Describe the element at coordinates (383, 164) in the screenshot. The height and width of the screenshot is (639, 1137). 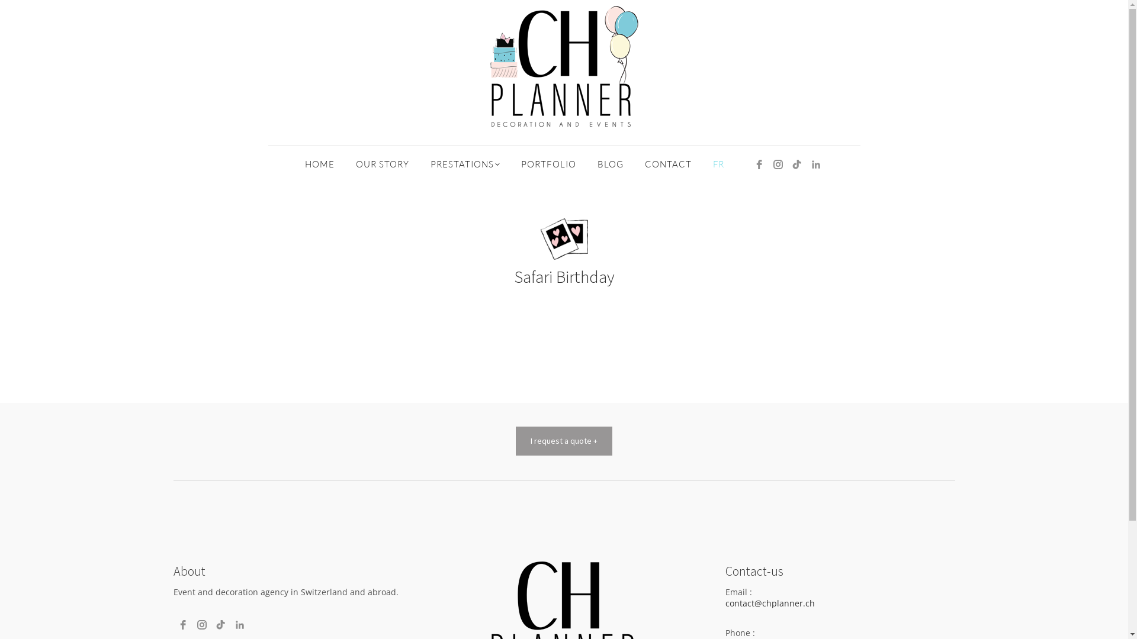
I see `'OUR STORY'` at that location.